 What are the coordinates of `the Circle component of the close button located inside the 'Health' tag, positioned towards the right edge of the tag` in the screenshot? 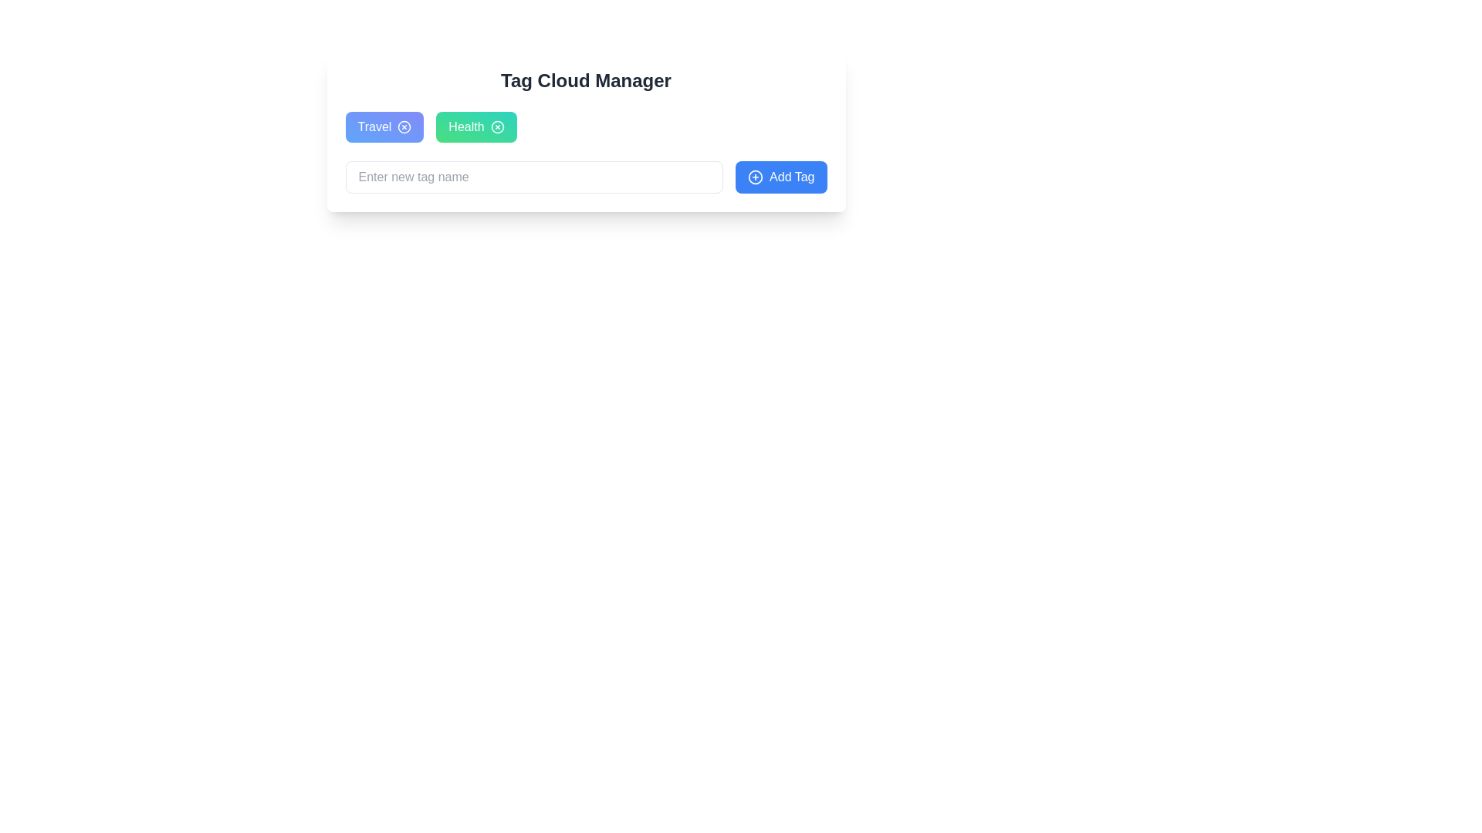 It's located at (497, 126).